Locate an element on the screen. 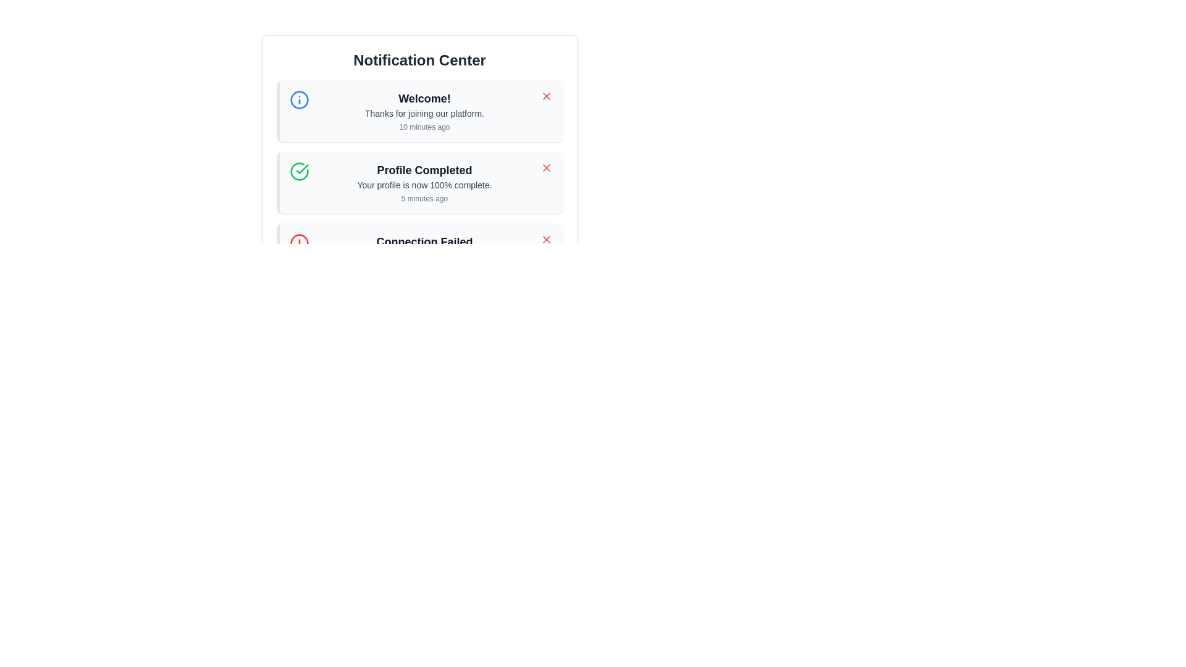 The image size is (1186, 667). the Text Label that serves as the title for the notification message, which is located above the message text 'Could not connect to the server.' within the third notification in the 'Notification Center' is located at coordinates (424, 242).